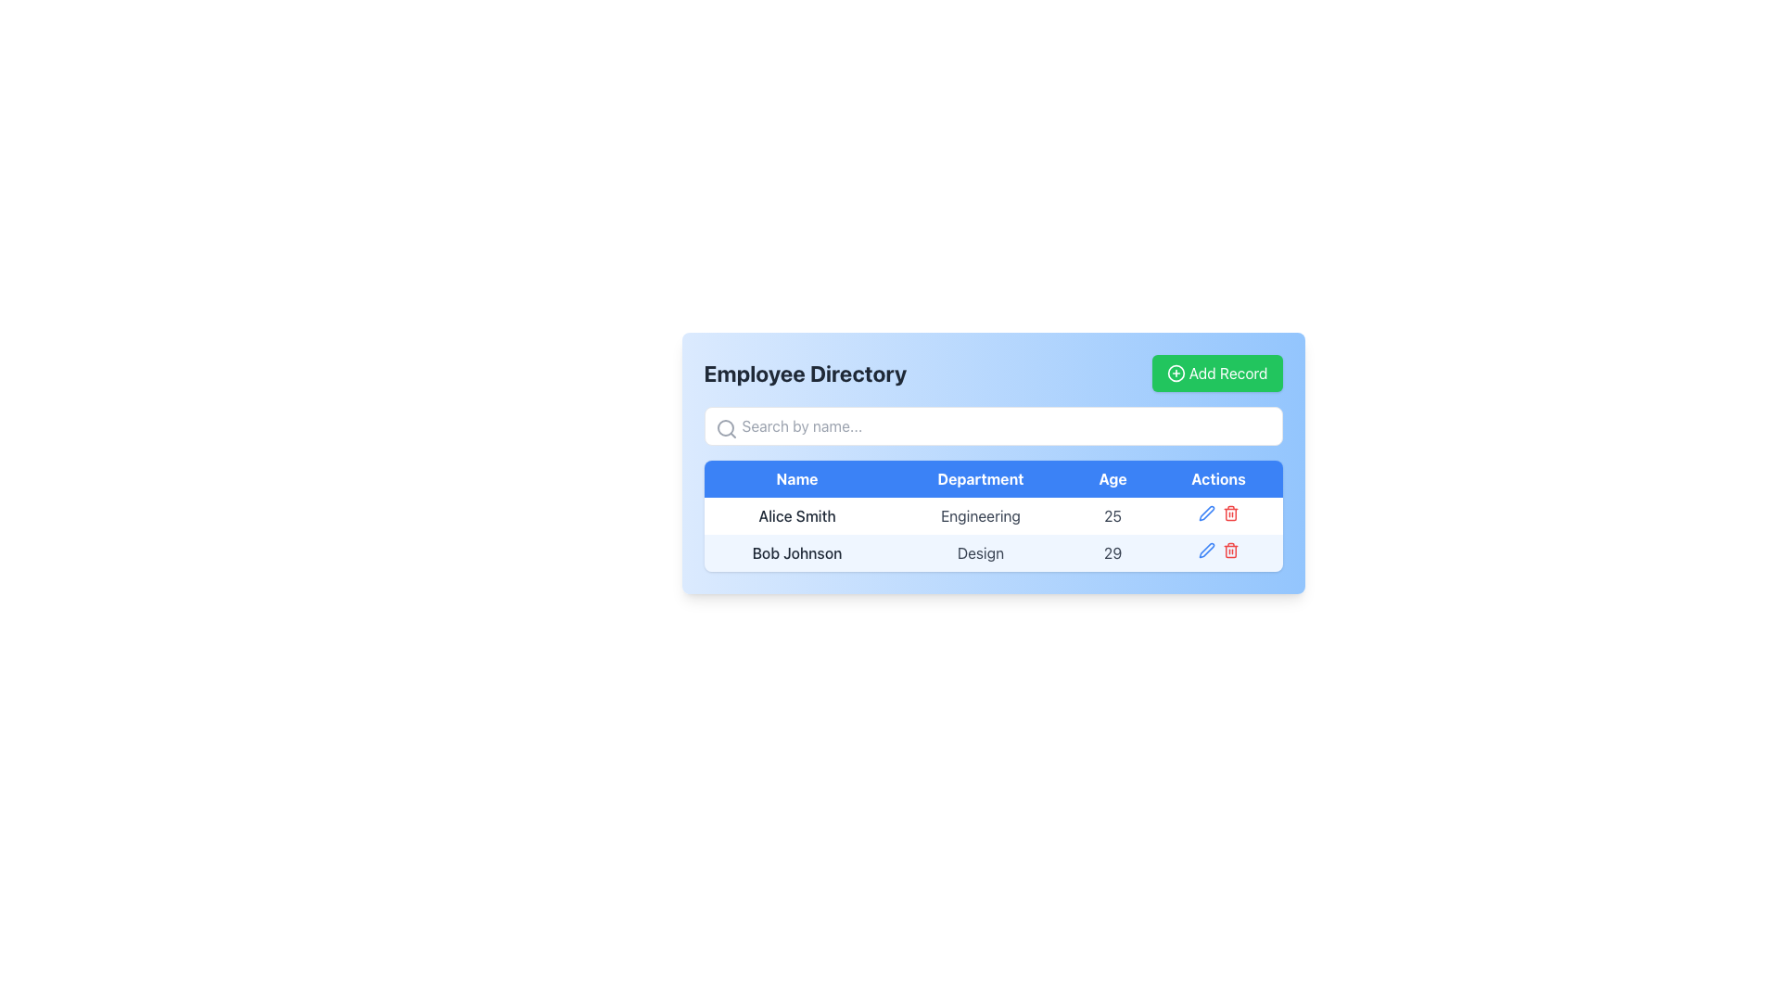  I want to click on the 'Employee Directory' text component, which is a bold and large dark gray text located at the top-left section of the interface, aligned to the left of the 'Add Record' button, so click(805, 373).